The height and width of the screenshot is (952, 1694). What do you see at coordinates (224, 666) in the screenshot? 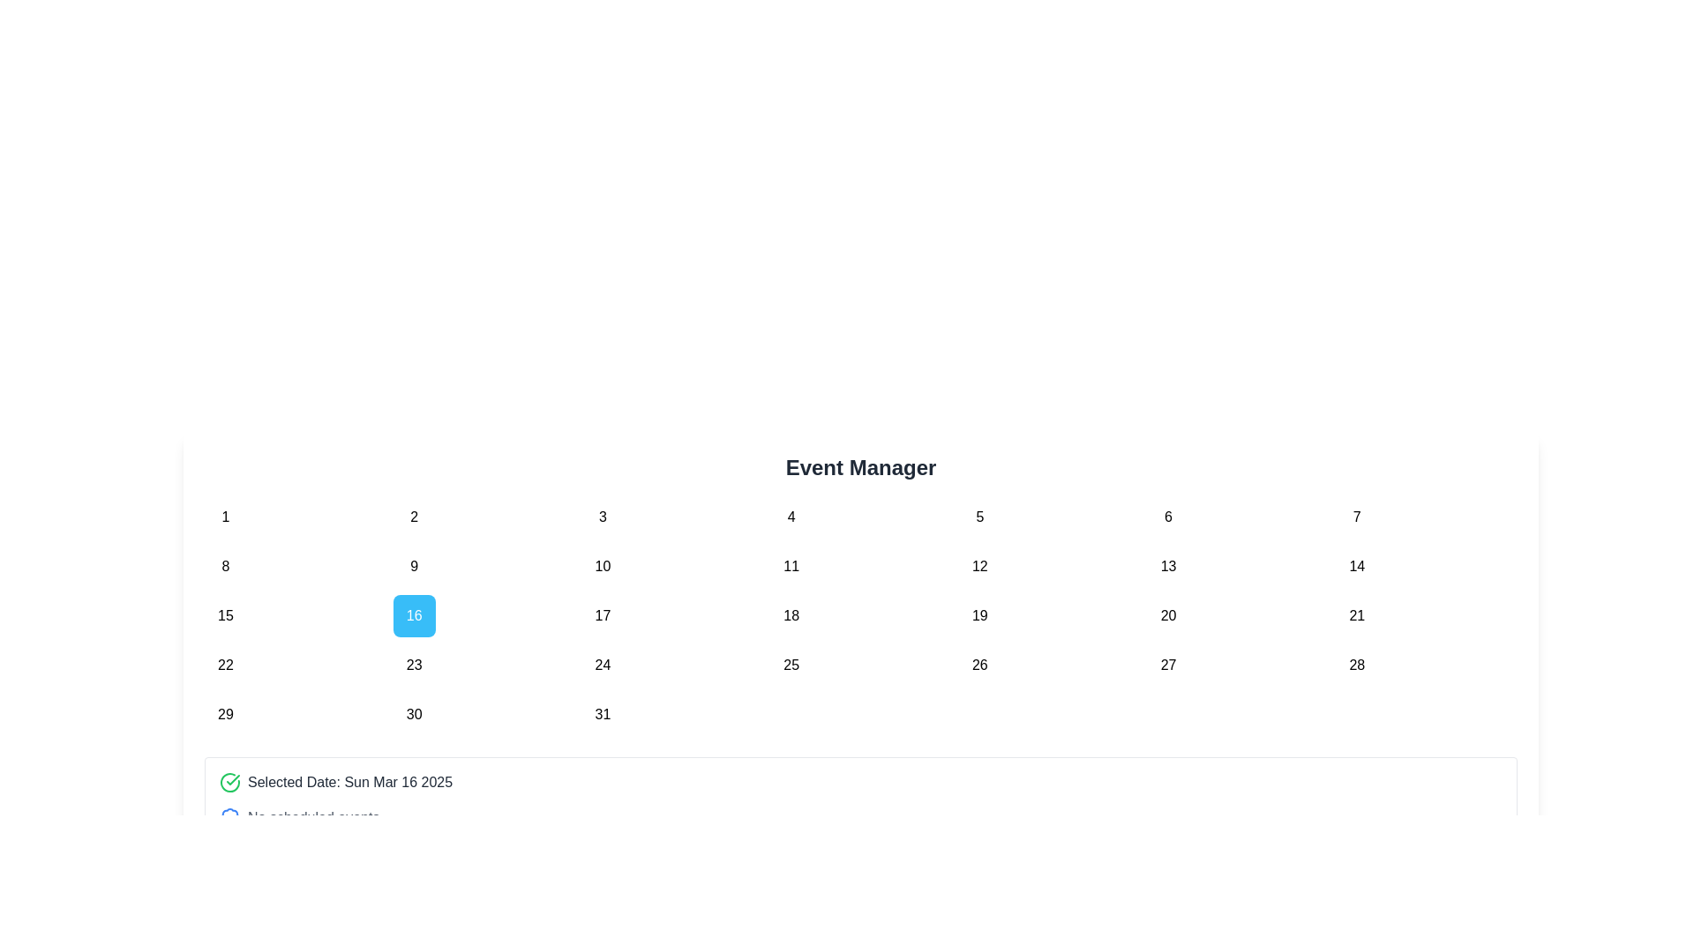
I see `the date selection button labeled '22', which is a rounded square button with a white background and black text, located in the third row and first column of the grid layout` at bounding box center [224, 666].